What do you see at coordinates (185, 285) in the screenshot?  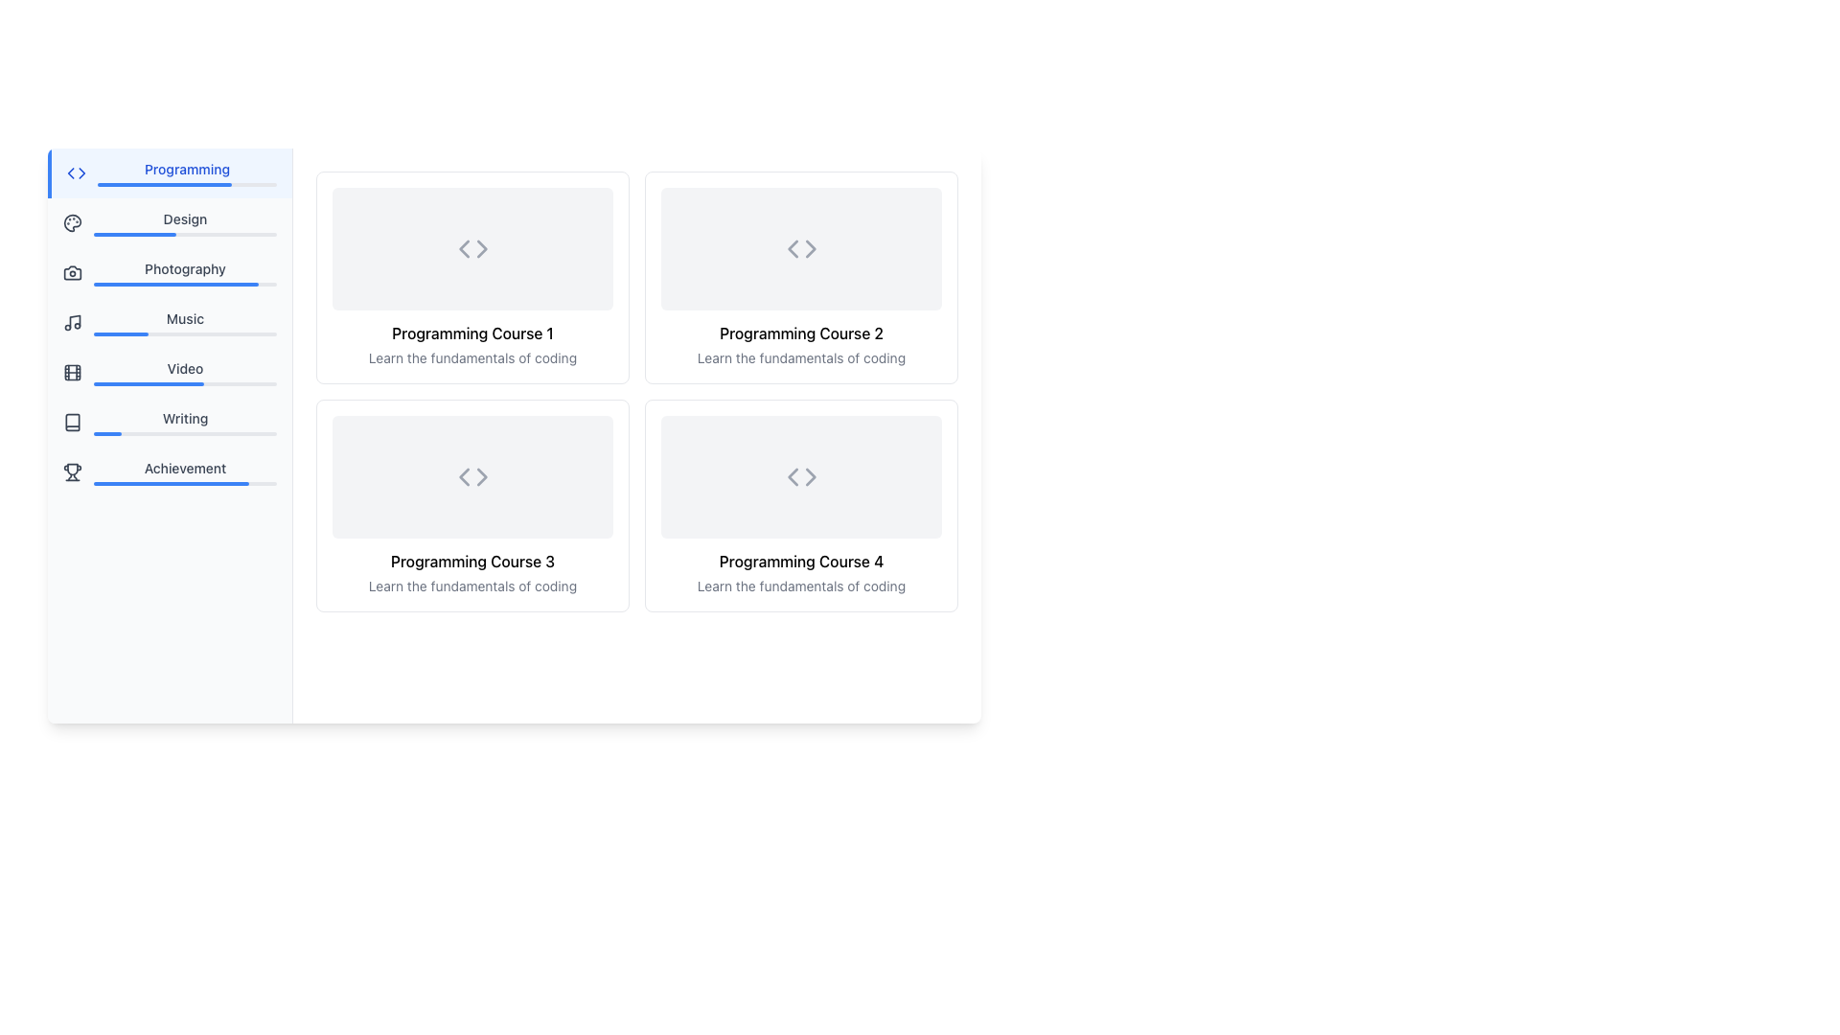 I see `the progress represented by the horizontal progress bar located under the 'Photography' section in the left-hand navigation menu` at bounding box center [185, 285].